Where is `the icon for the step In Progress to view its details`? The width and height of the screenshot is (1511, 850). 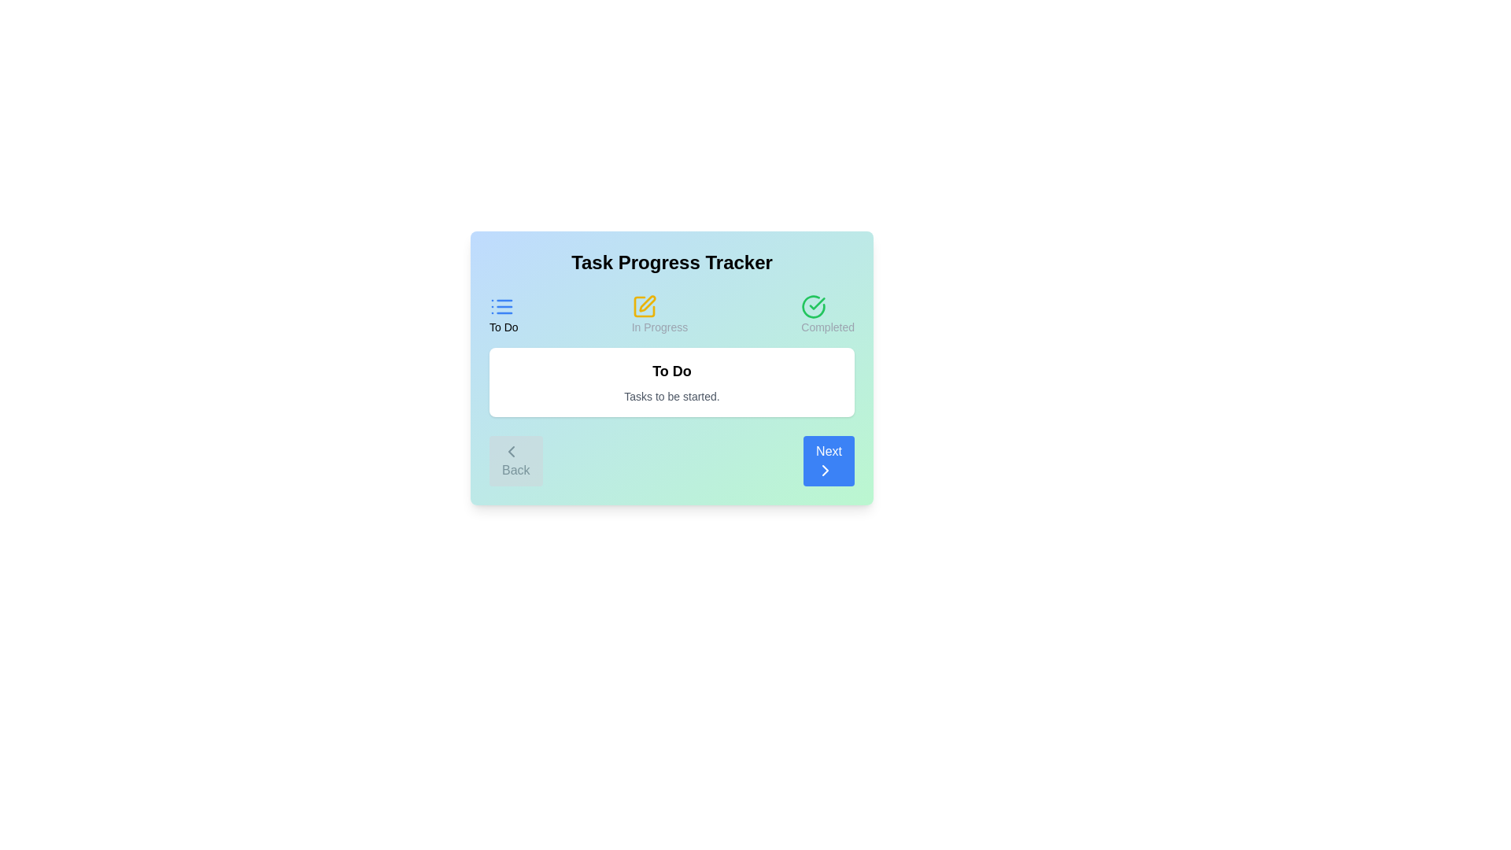 the icon for the step In Progress to view its details is located at coordinates (643, 306).